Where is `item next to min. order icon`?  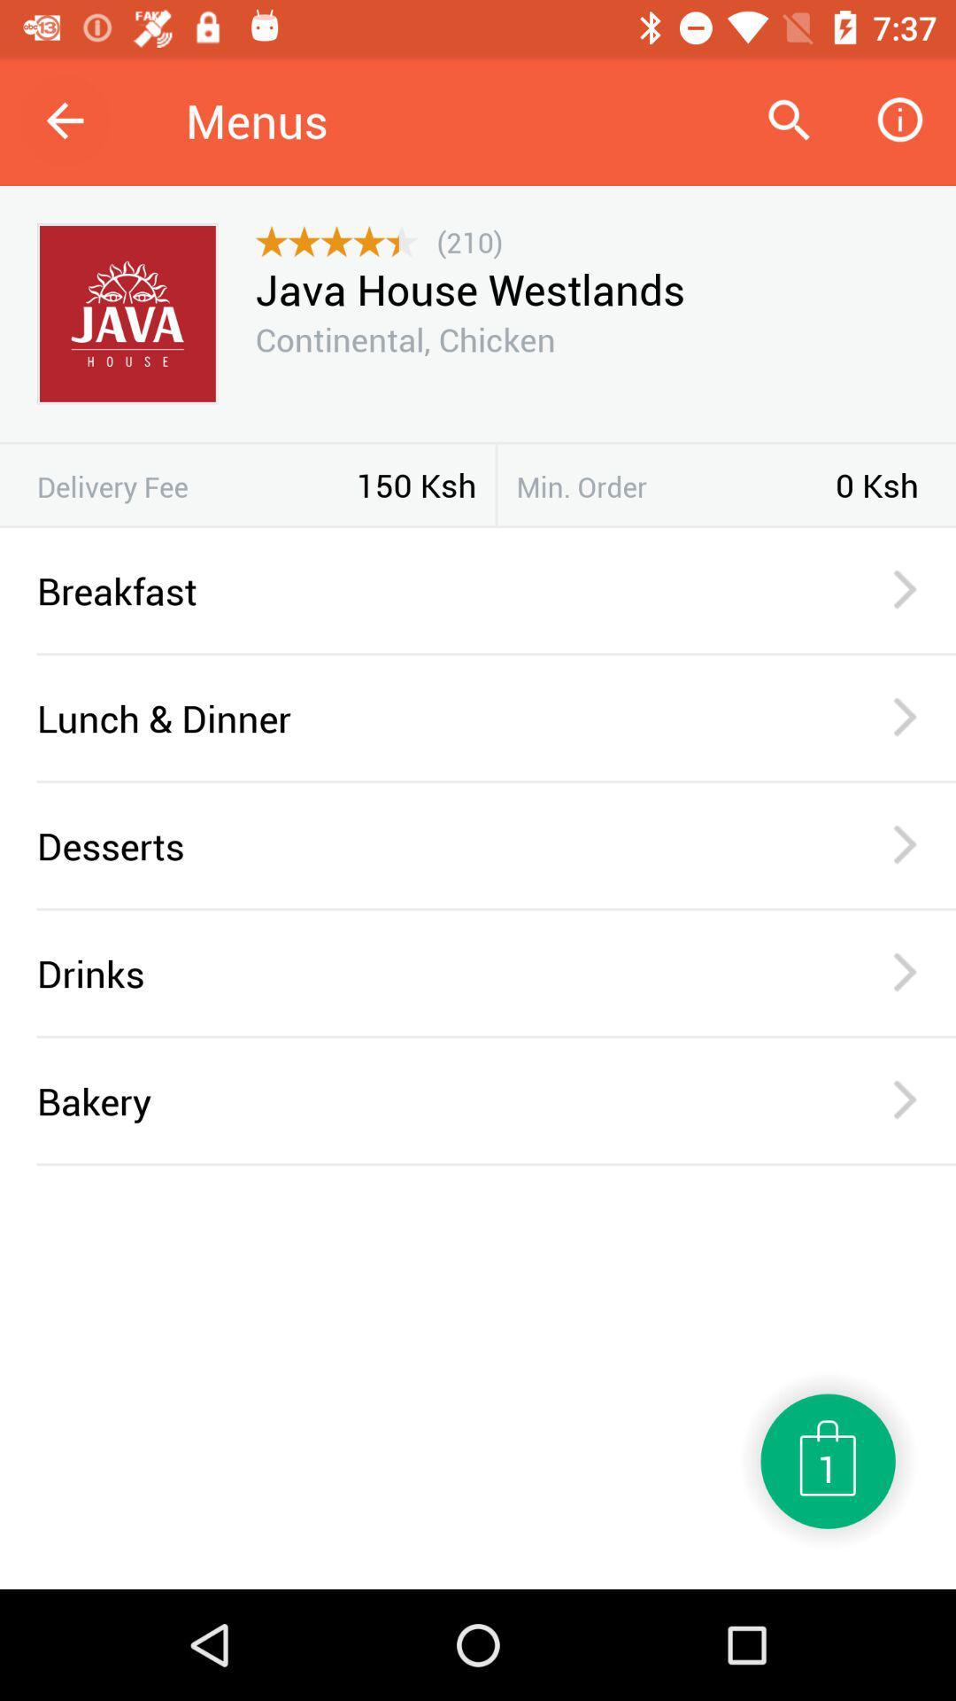 item next to min. order icon is located at coordinates (496, 485).